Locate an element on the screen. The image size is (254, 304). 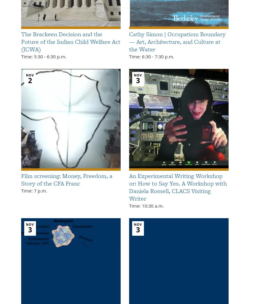
'Time: 7 p.m.' is located at coordinates (34, 190).